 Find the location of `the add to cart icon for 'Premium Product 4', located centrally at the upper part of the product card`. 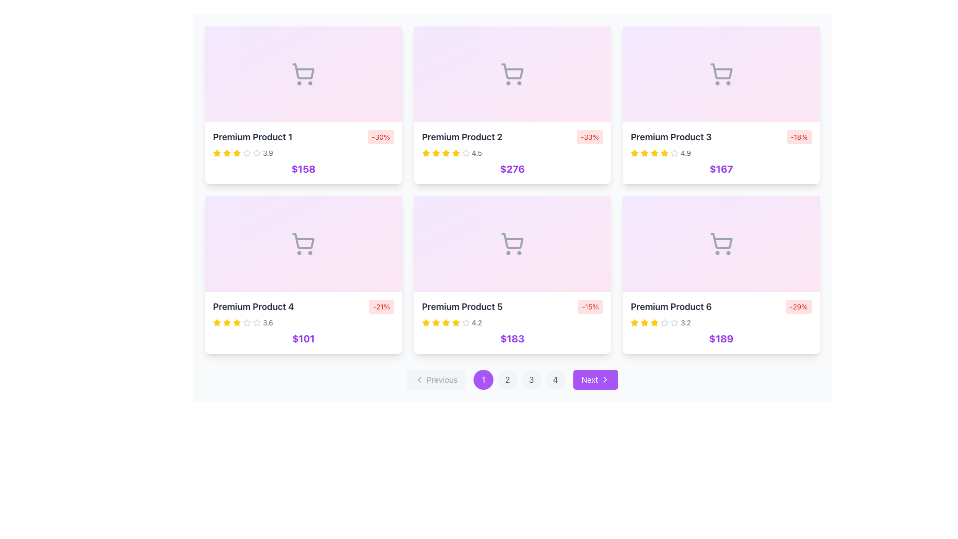

the add to cart icon for 'Premium Product 4', located centrally at the upper part of the product card is located at coordinates (303, 244).